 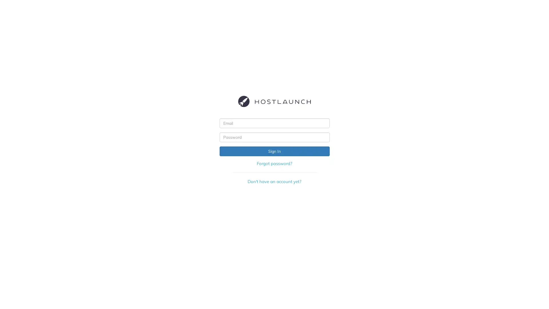 I want to click on Sign In, so click(x=274, y=151).